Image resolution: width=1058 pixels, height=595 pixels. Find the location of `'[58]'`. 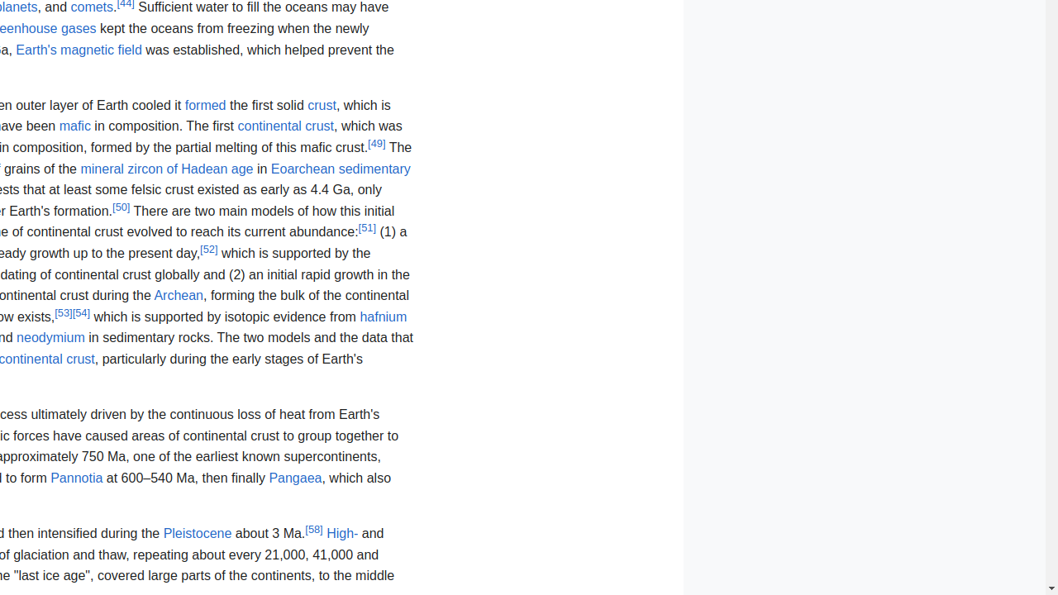

'[58]' is located at coordinates (314, 529).